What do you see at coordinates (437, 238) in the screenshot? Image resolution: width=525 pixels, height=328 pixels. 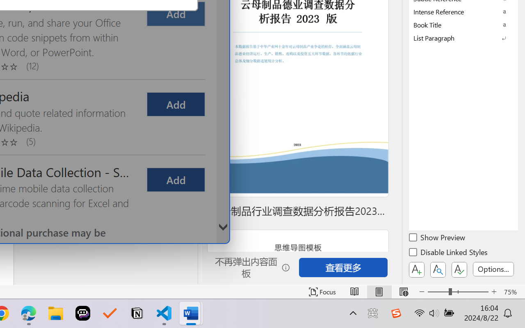 I see `'Show Preview'` at bounding box center [437, 238].